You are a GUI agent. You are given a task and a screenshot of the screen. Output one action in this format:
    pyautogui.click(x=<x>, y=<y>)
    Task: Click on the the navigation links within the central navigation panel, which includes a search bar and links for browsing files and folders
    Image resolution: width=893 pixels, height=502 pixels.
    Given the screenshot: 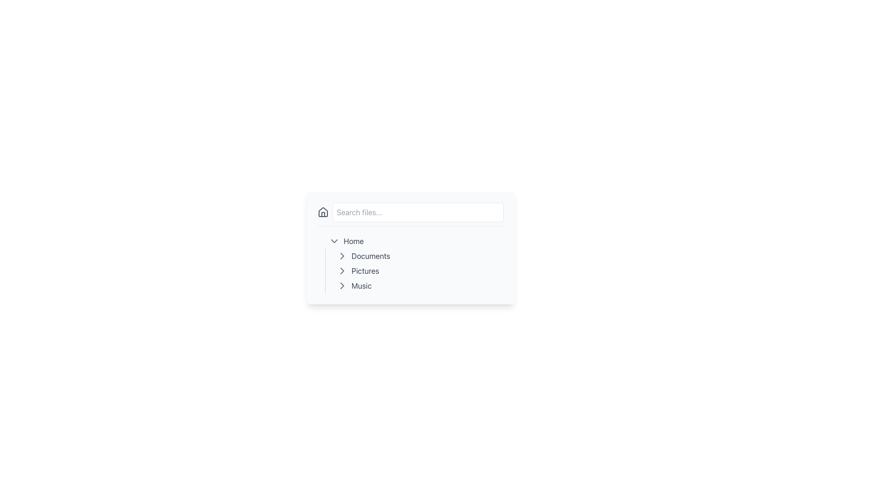 What is the action you would take?
    pyautogui.click(x=410, y=247)
    